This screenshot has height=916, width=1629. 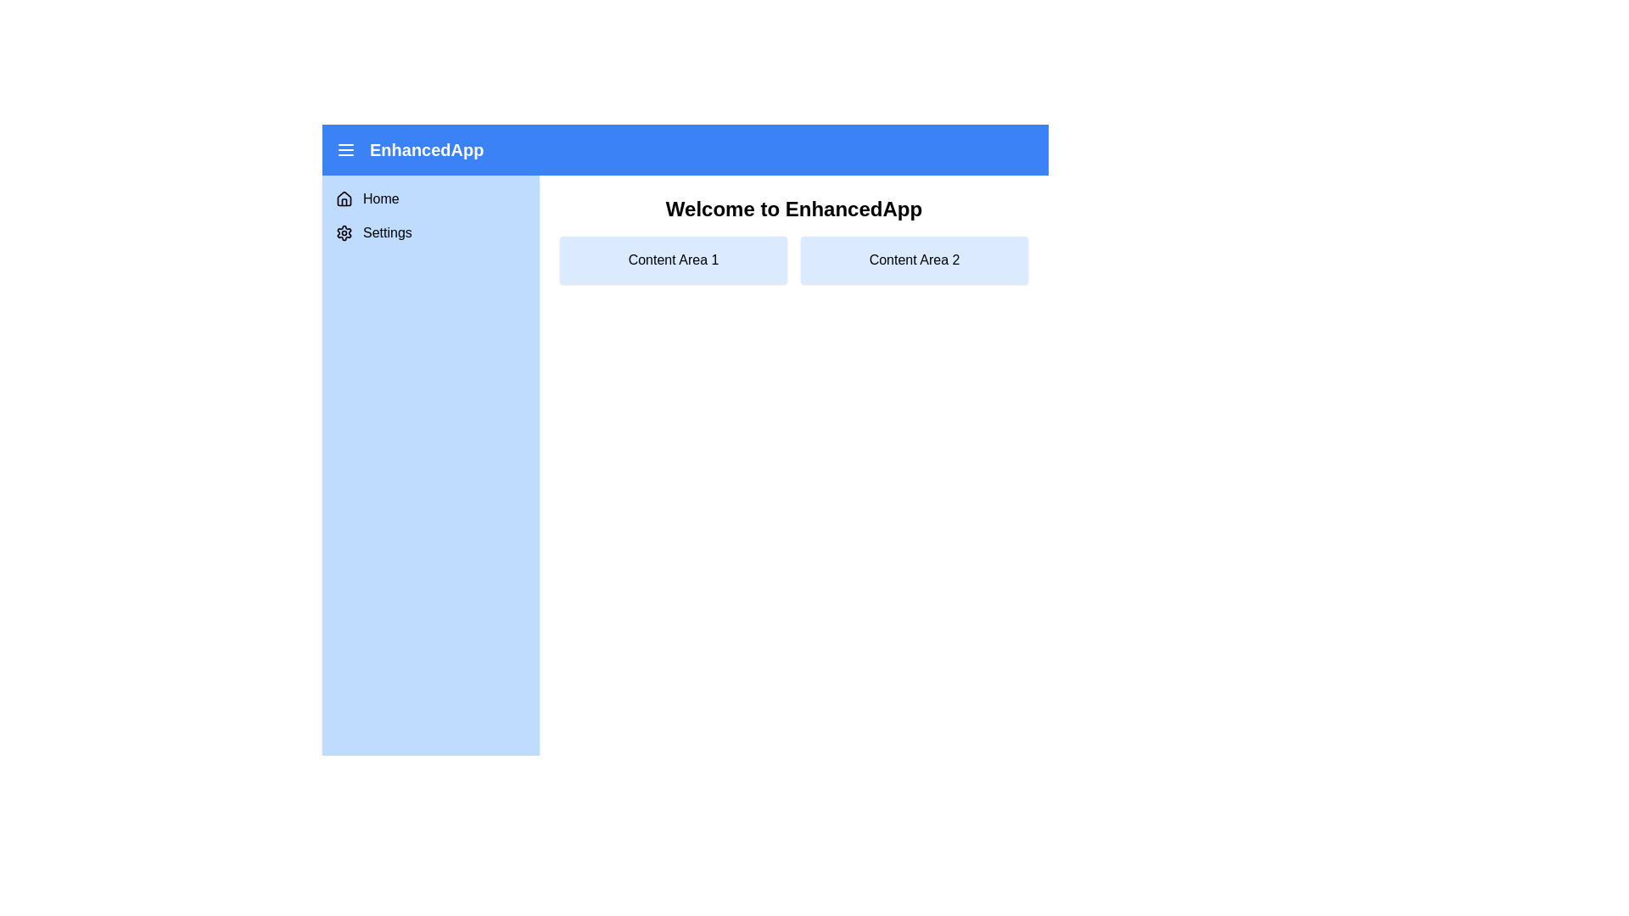 What do you see at coordinates (344, 232) in the screenshot?
I see `the 'Settings' icon located in the sidebar menu below the 'Home' icon` at bounding box center [344, 232].